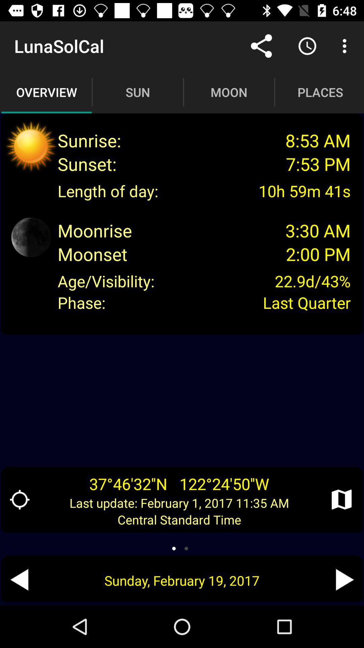 This screenshot has height=648, width=364. What do you see at coordinates (19, 579) in the screenshot?
I see `the arrow_backward icon` at bounding box center [19, 579].